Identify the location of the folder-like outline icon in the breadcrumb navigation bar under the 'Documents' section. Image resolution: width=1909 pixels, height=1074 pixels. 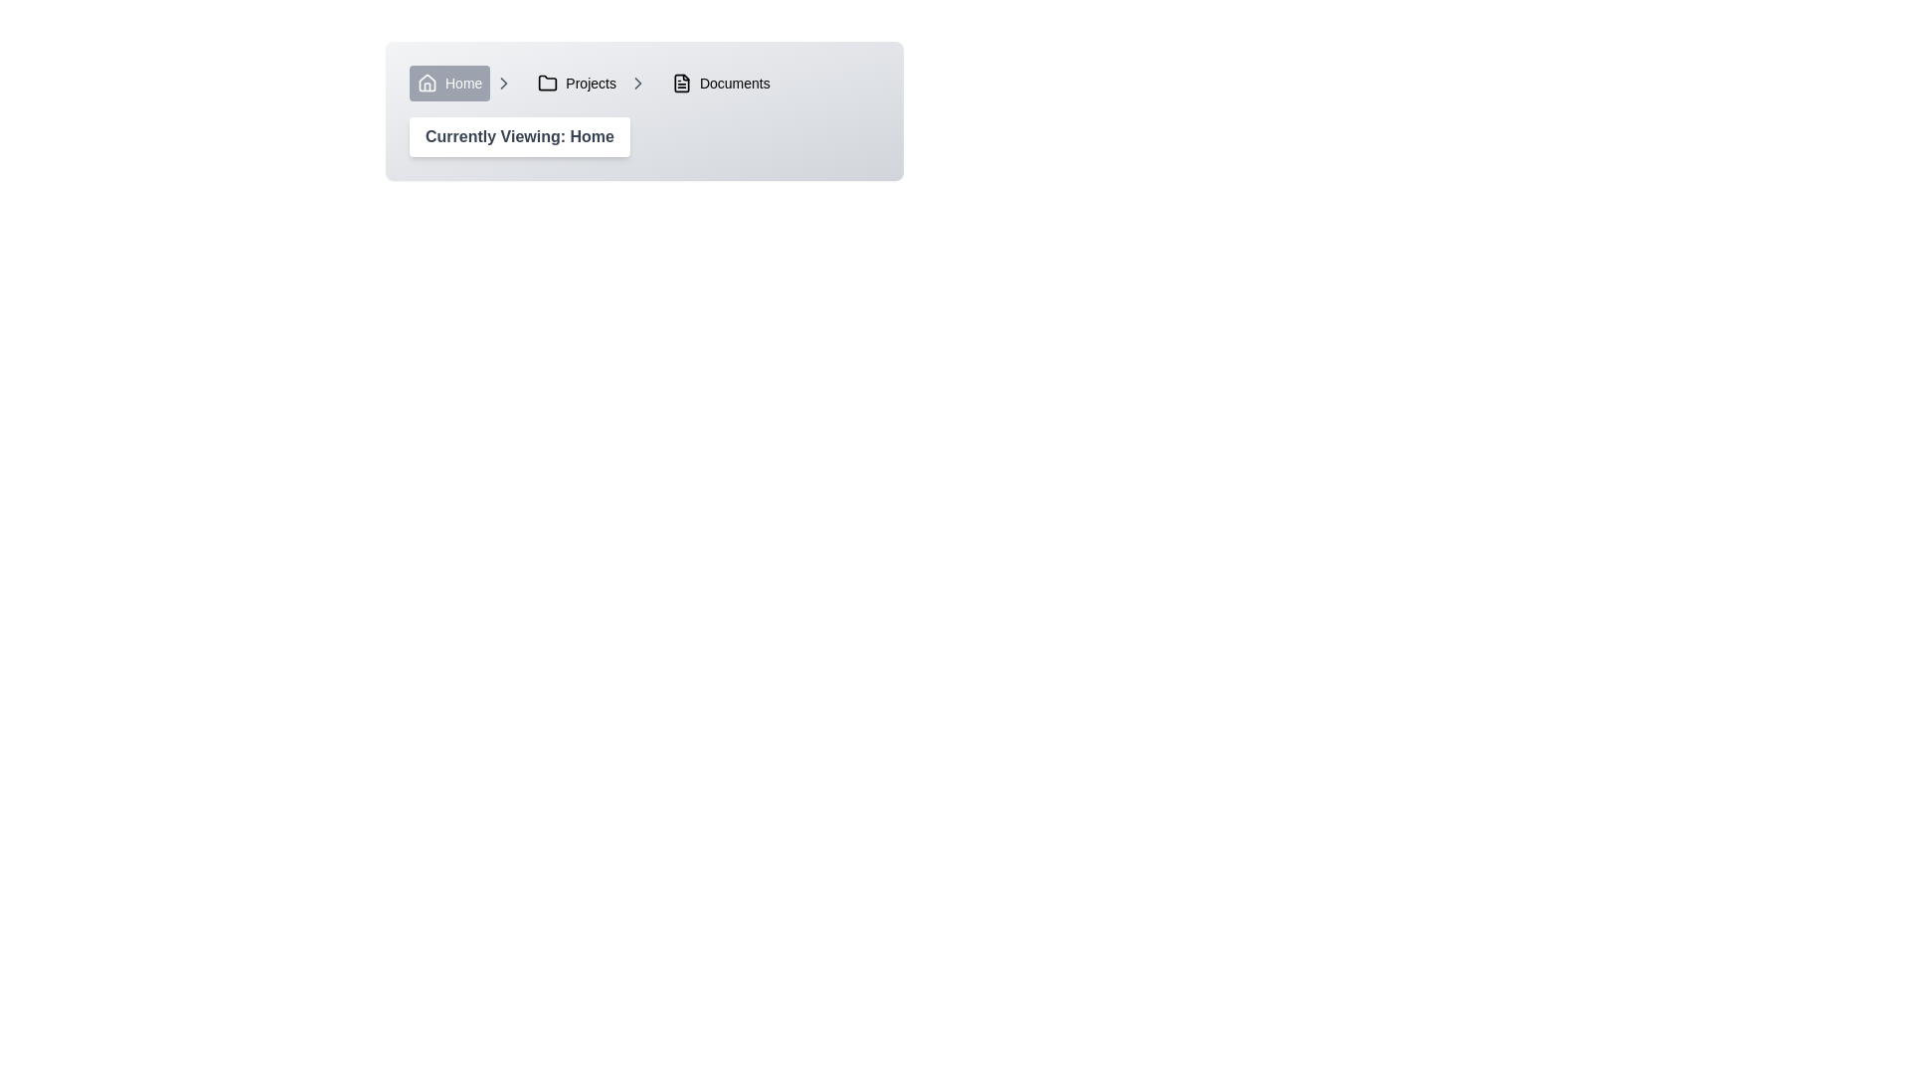
(682, 83).